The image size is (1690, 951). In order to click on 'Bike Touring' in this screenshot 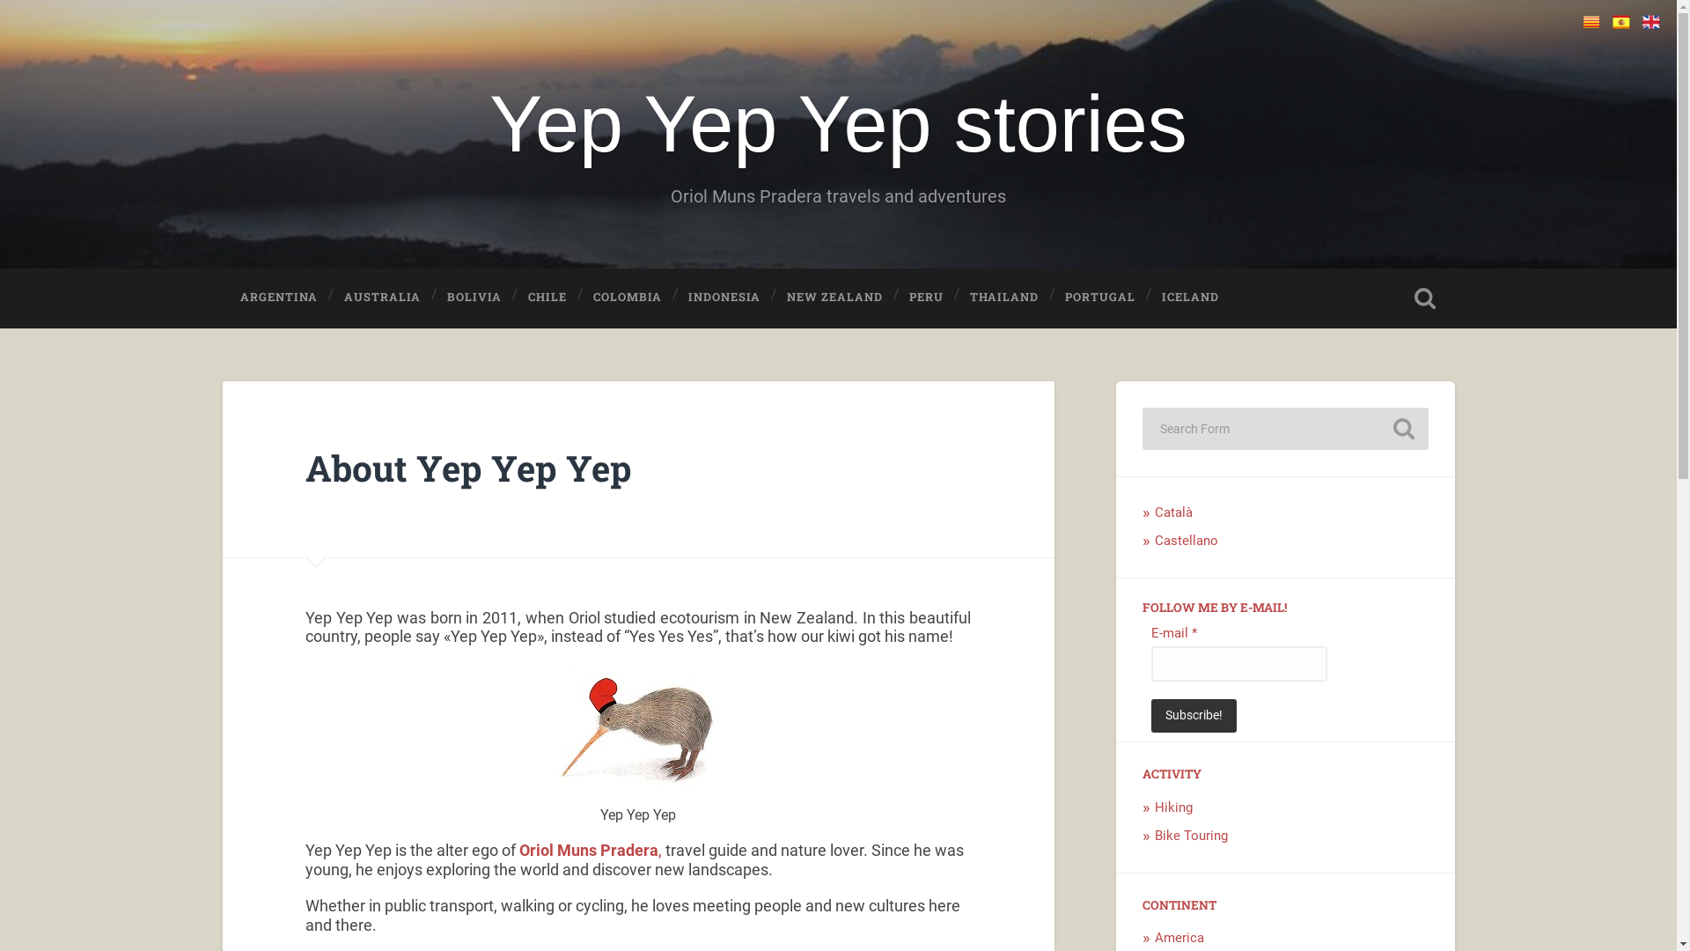, I will do `click(1191, 834)`.